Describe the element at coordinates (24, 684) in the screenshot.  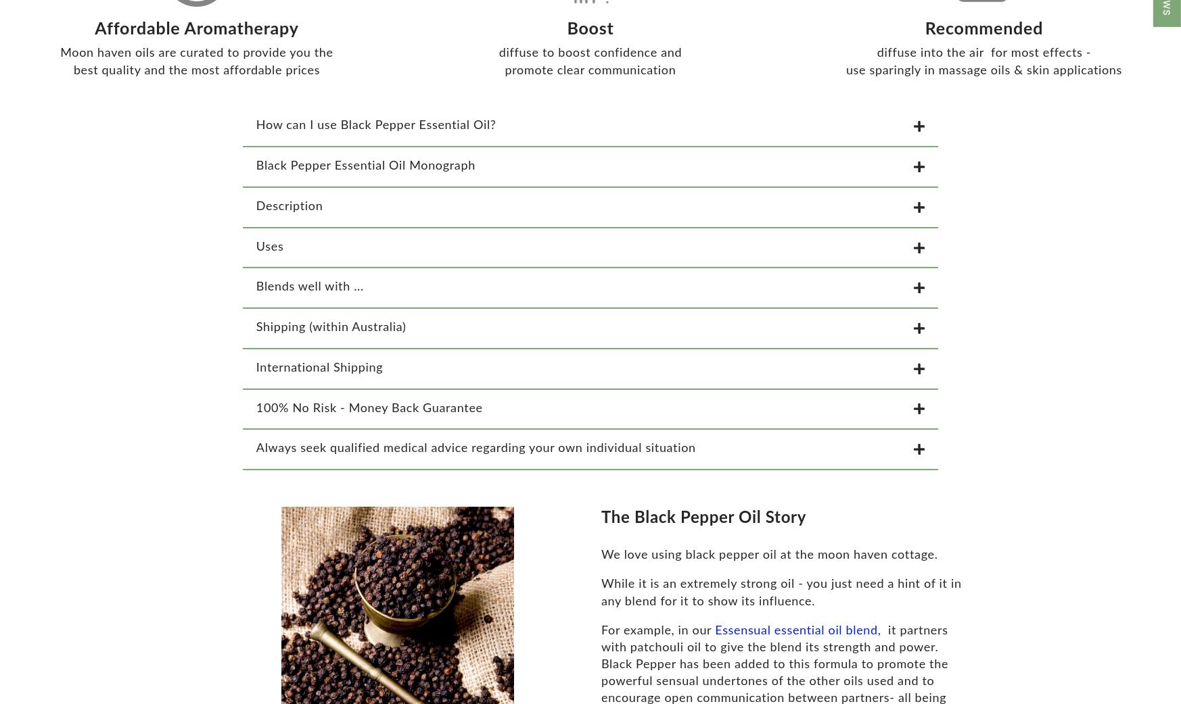
I see `'$20.00'` at that location.